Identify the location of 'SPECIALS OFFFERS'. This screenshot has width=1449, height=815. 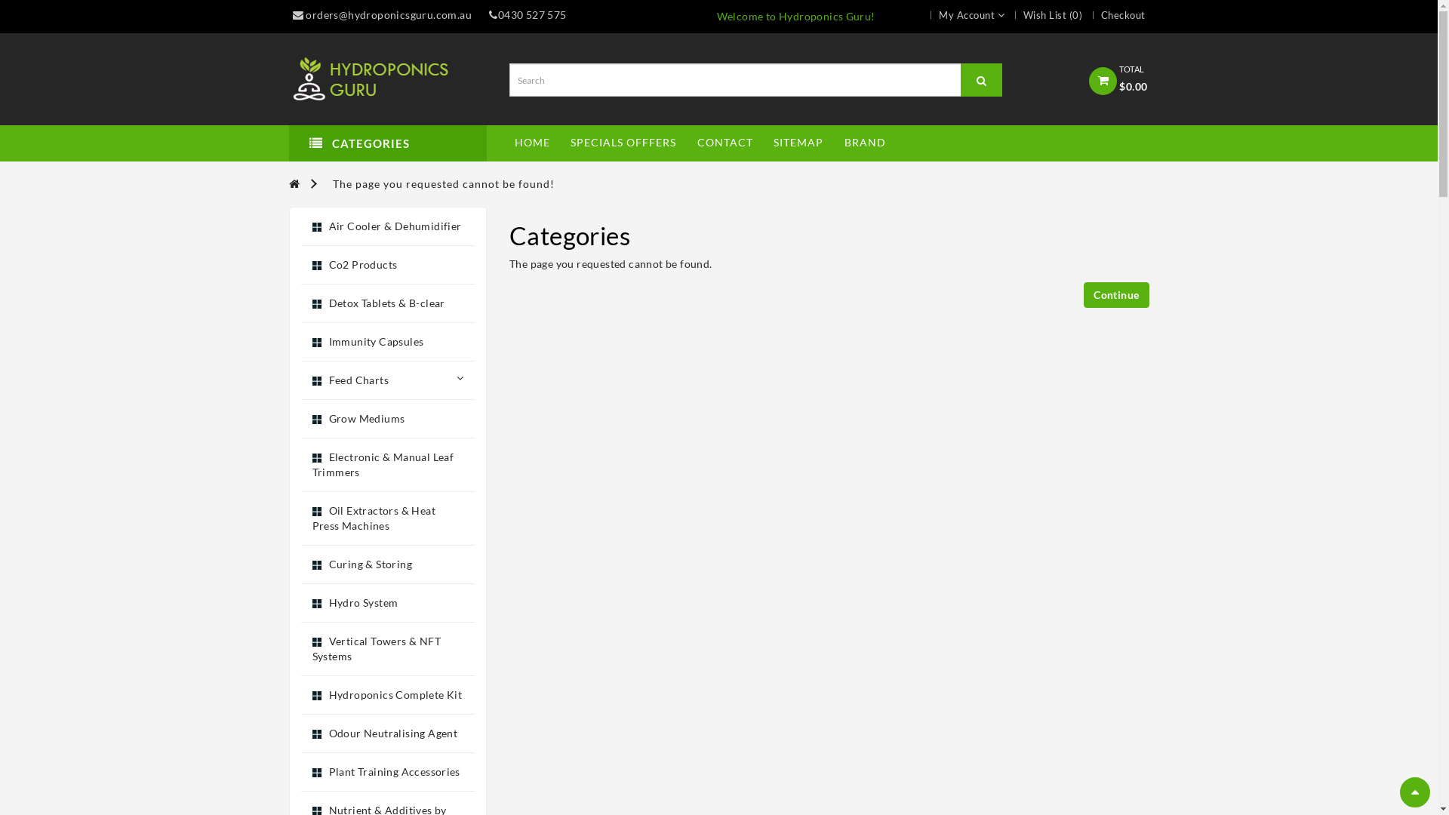
(623, 143).